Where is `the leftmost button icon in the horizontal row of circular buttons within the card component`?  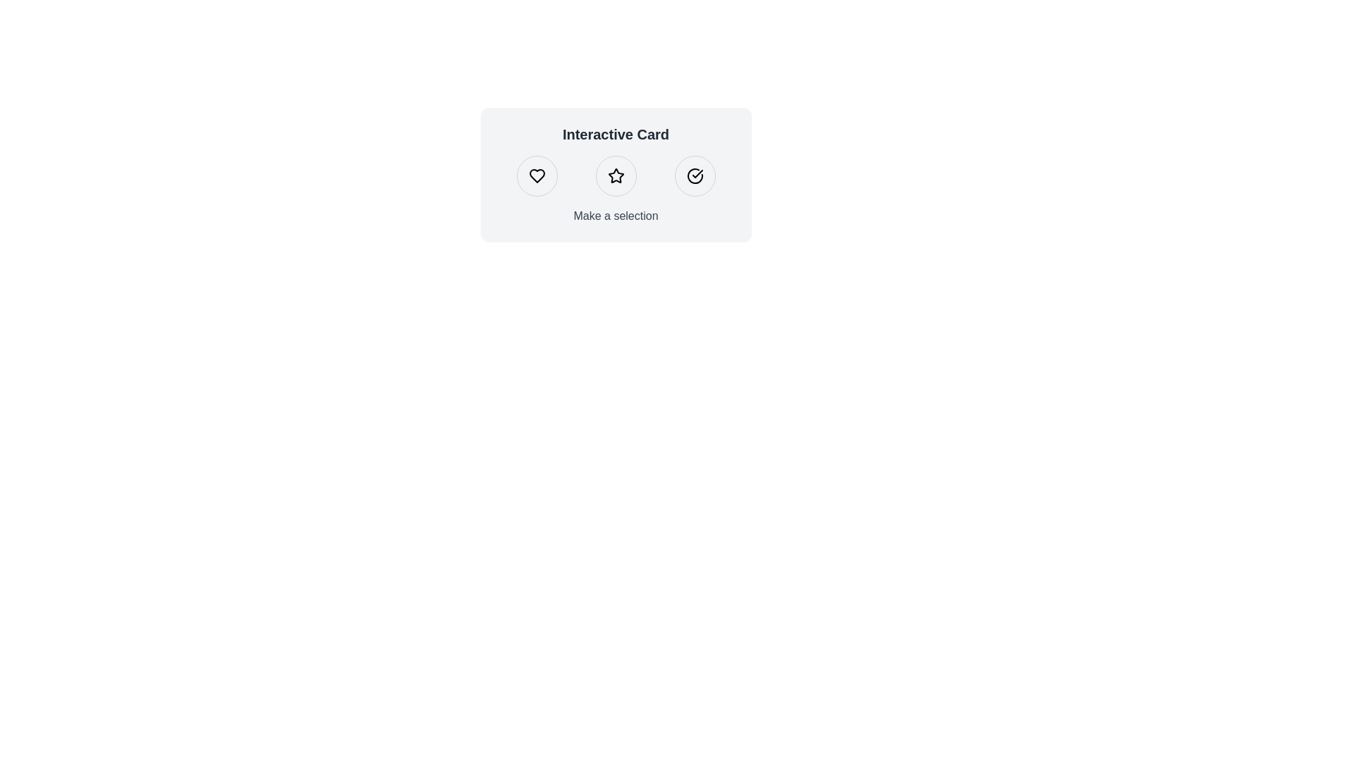 the leftmost button icon in the horizontal row of circular buttons within the card component is located at coordinates (536, 175).